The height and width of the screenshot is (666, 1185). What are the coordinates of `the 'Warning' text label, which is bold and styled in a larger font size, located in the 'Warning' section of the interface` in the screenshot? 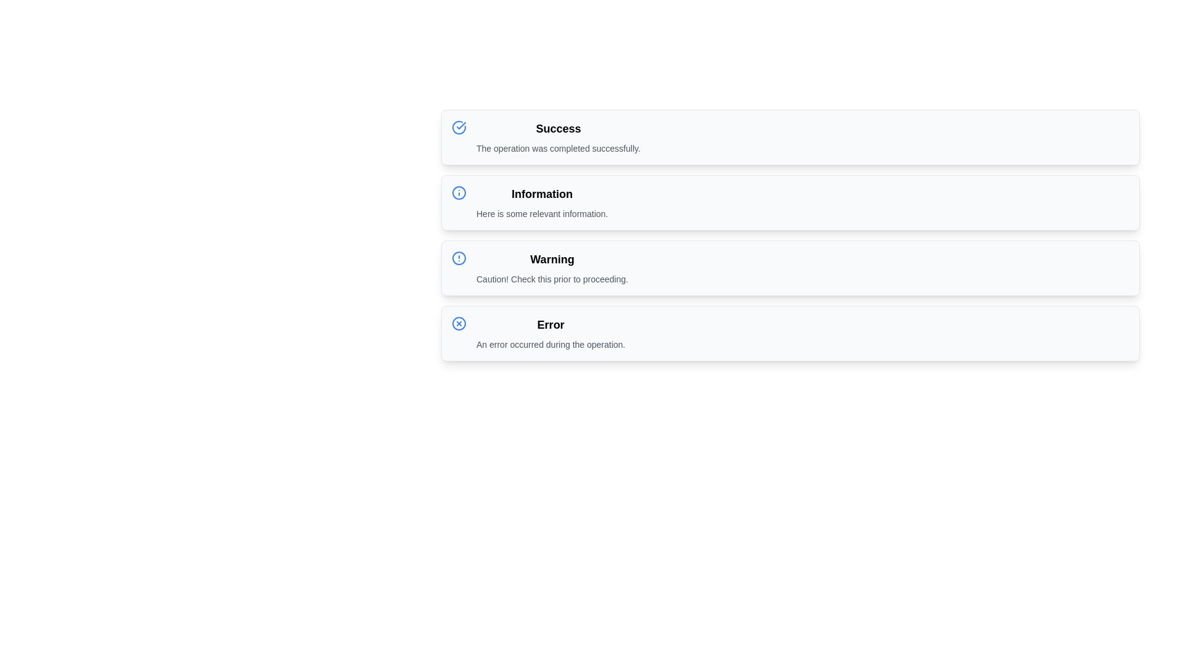 It's located at (551, 258).